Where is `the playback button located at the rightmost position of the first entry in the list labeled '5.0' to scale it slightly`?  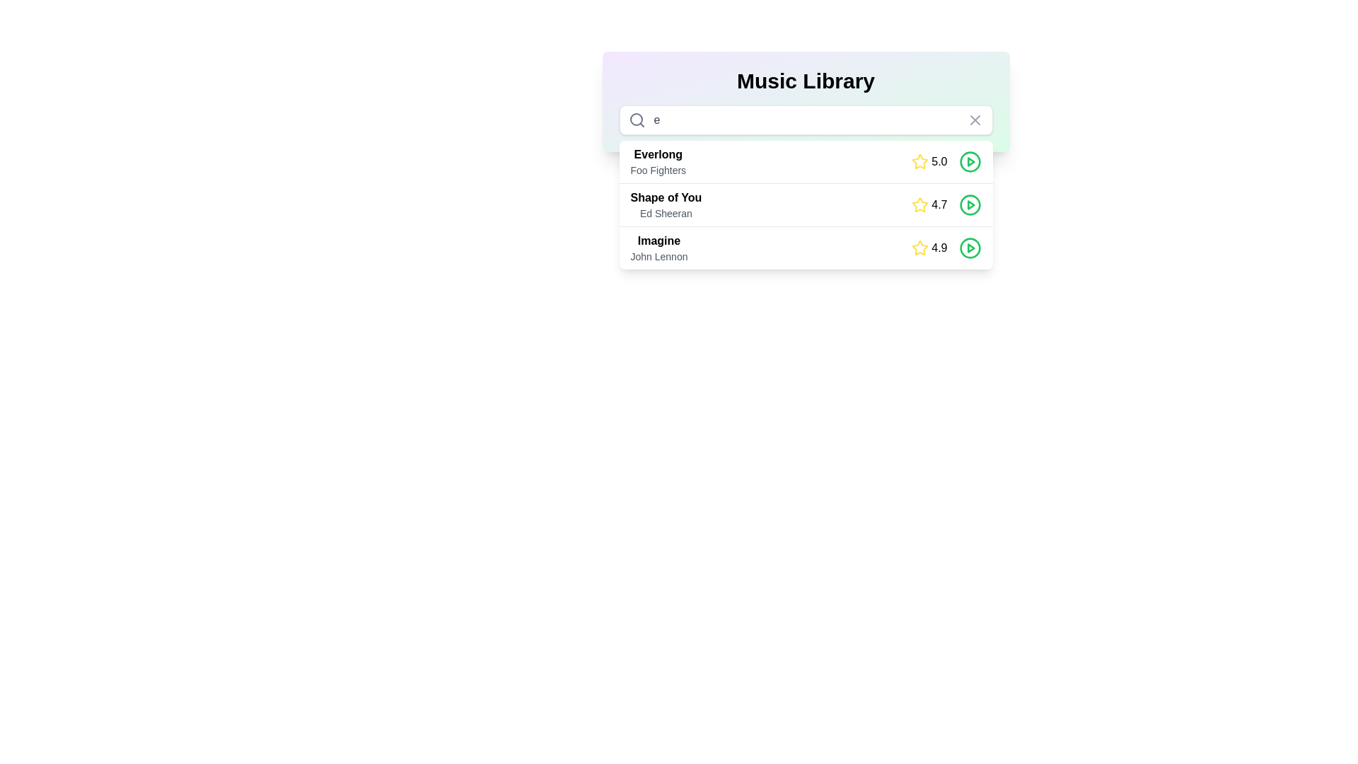
the playback button located at the rightmost position of the first entry in the list labeled '5.0' to scale it slightly is located at coordinates (969, 161).